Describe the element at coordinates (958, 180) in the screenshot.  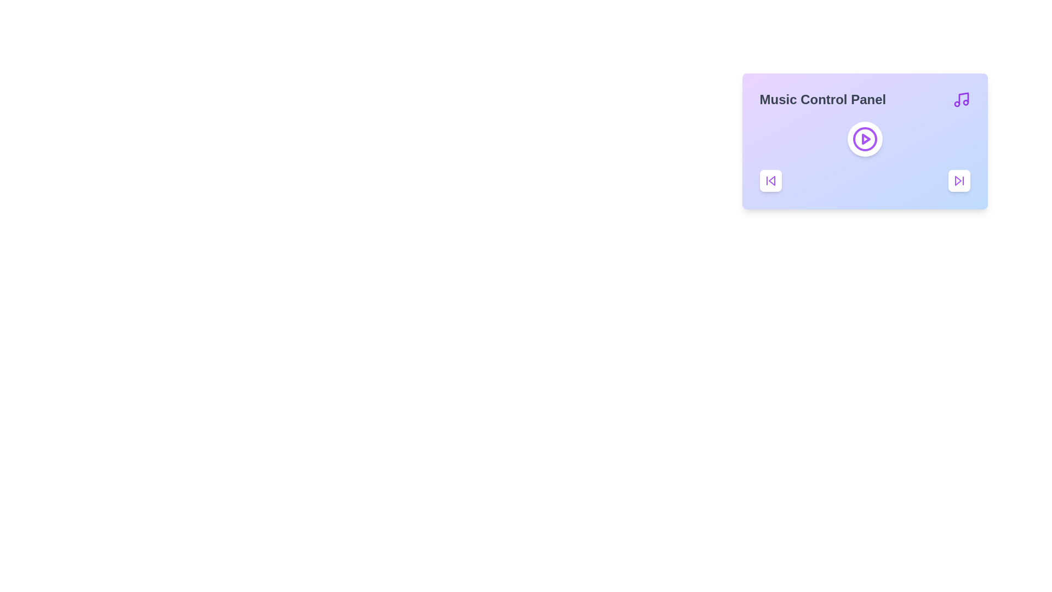
I see `the rectangular button with a white background and a purple play-forward icon for visual feedback` at that location.